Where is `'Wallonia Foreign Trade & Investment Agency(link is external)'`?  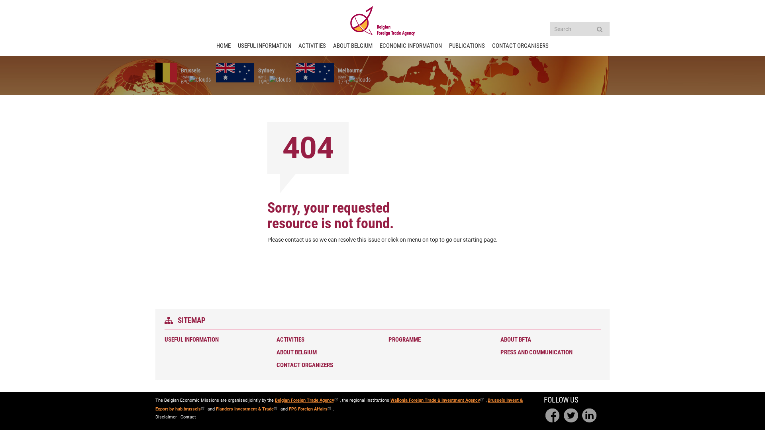
'Wallonia Foreign Trade & Investment Agency(link is external)' is located at coordinates (437, 400).